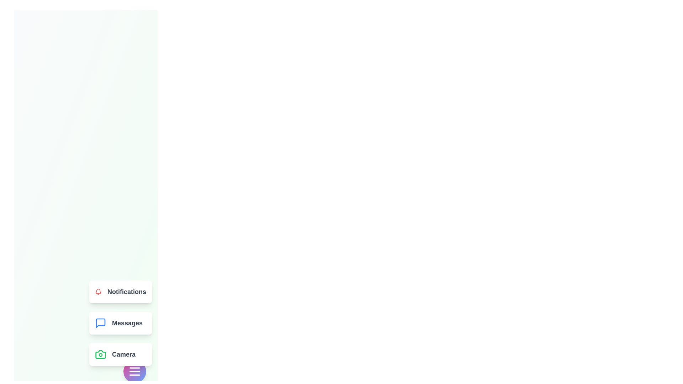 This screenshot has width=683, height=384. What do you see at coordinates (121, 354) in the screenshot?
I see `the 'Camera' option in the menu` at bounding box center [121, 354].